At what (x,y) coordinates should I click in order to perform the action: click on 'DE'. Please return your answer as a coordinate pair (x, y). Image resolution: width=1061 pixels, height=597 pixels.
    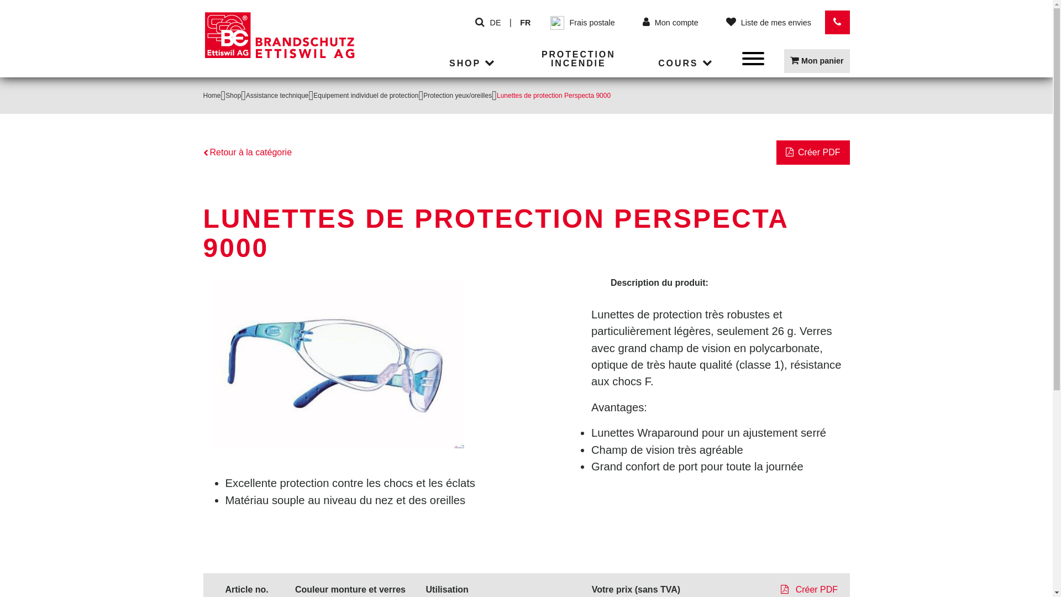
    Looking at the image, I should click on (495, 23).